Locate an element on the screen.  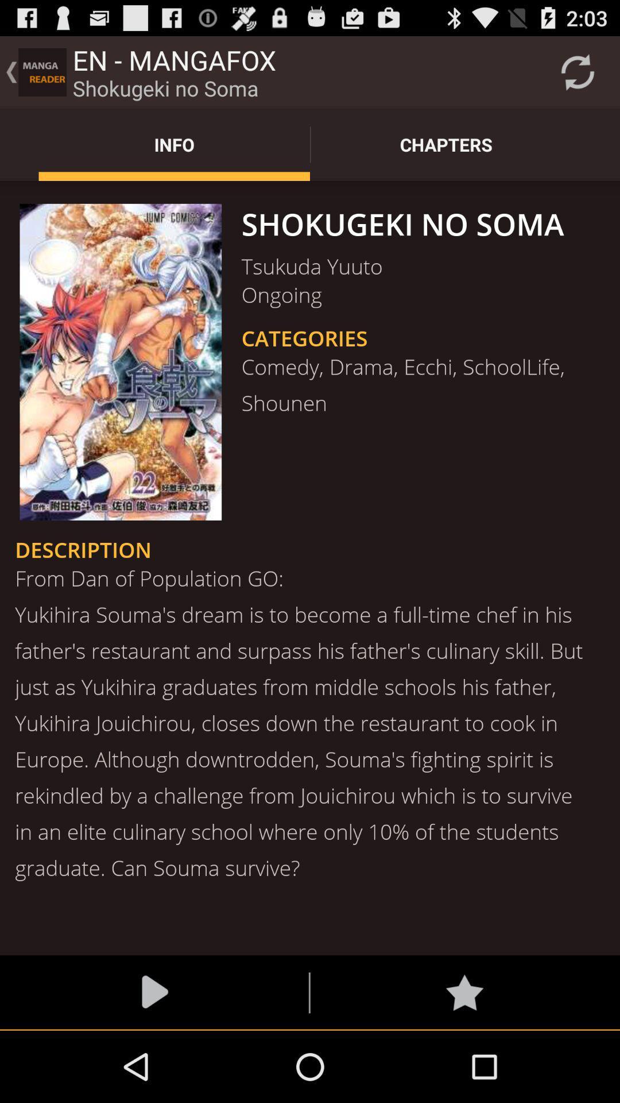
the poster is located at coordinates (121, 361).